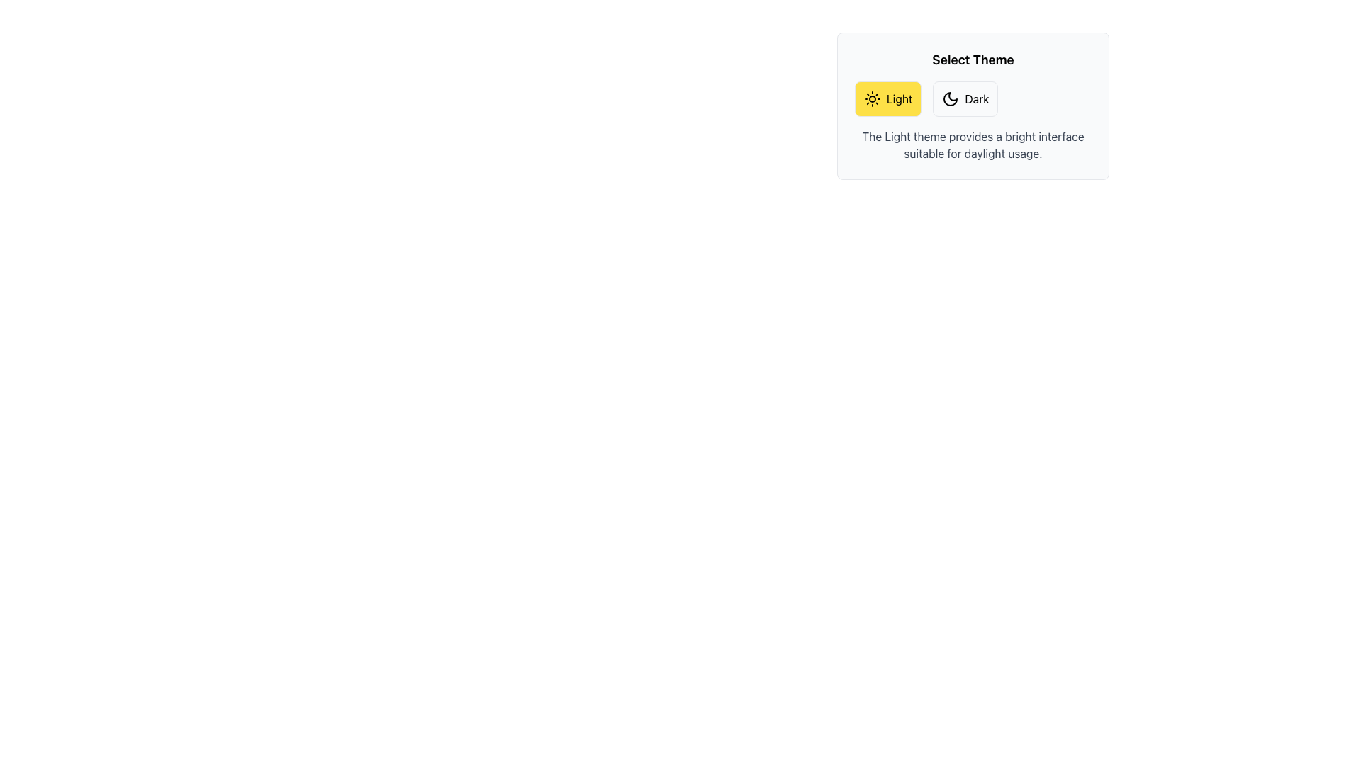 The width and height of the screenshot is (1361, 765). I want to click on text of the 'Light' label, which is a black sans-serif text on a yellow background, located next to a sun icon in the theme selection section, so click(899, 98).